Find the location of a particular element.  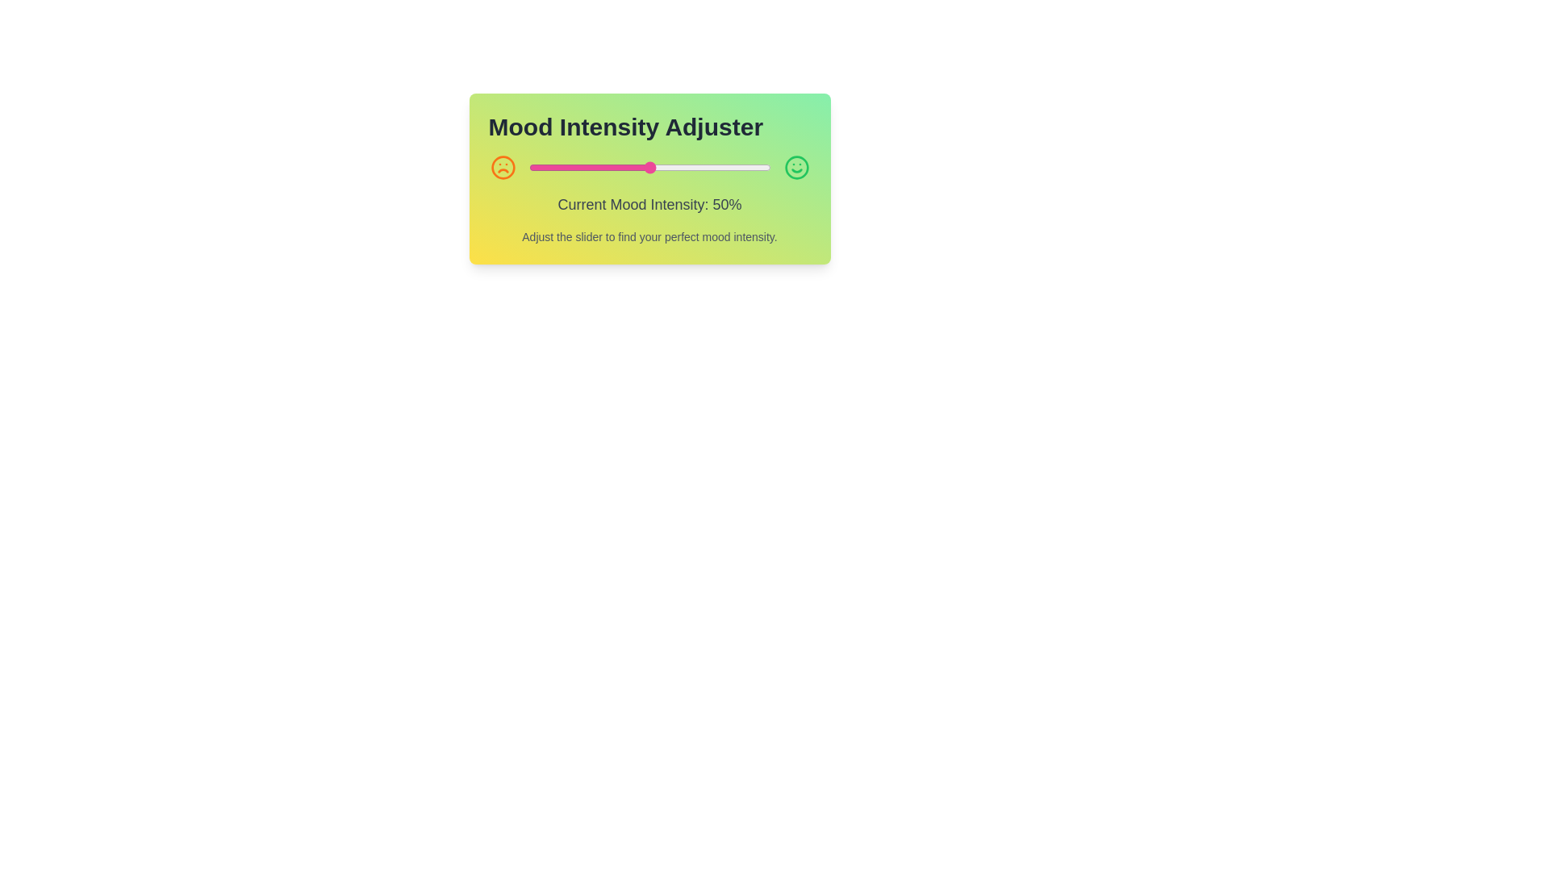

the mood intensity slider to 28% is located at coordinates (595, 168).